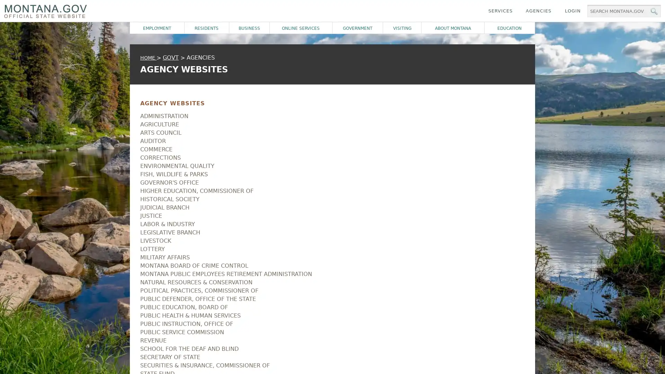  I want to click on MT.gov Search Button, so click(653, 11).